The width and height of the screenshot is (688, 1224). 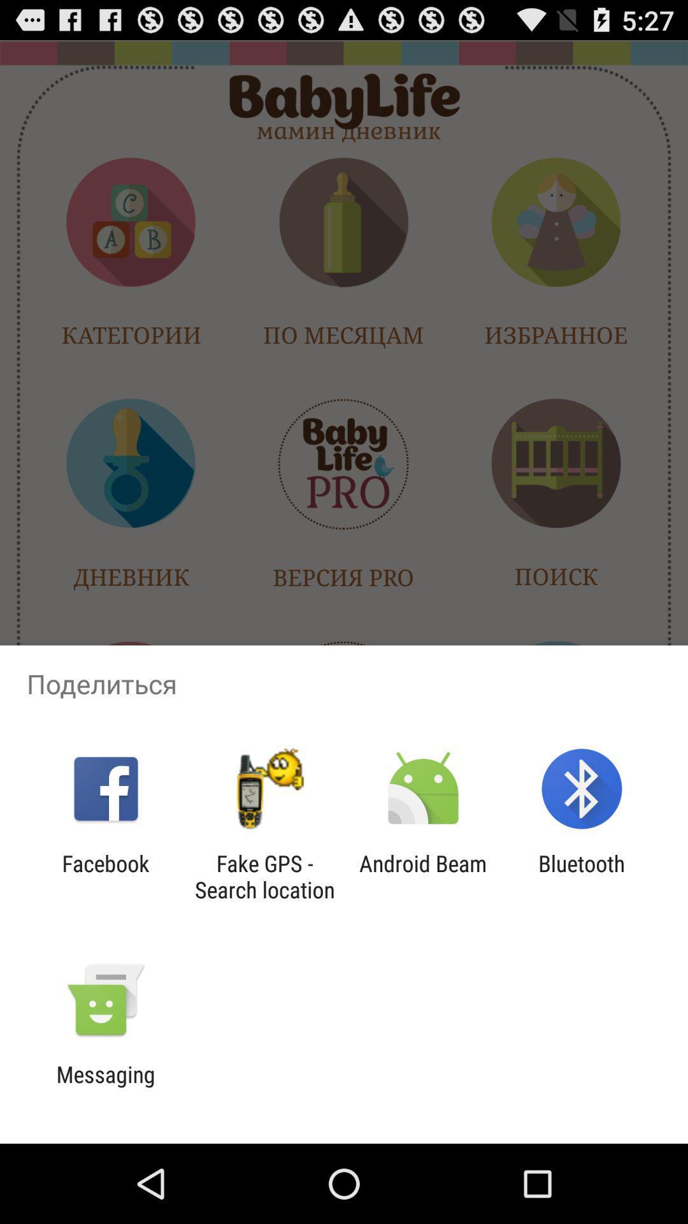 What do you see at coordinates (264, 876) in the screenshot?
I see `the app to the left of android beam` at bounding box center [264, 876].